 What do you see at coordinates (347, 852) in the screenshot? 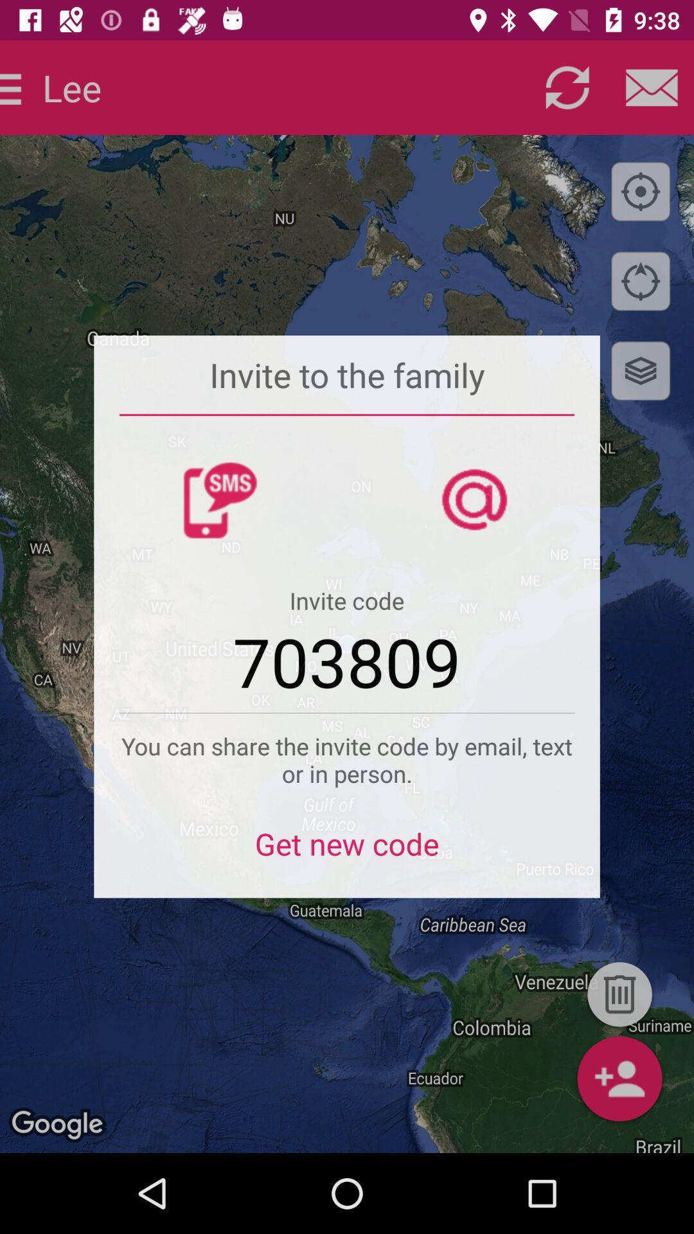
I see `the item below the you can share` at bounding box center [347, 852].